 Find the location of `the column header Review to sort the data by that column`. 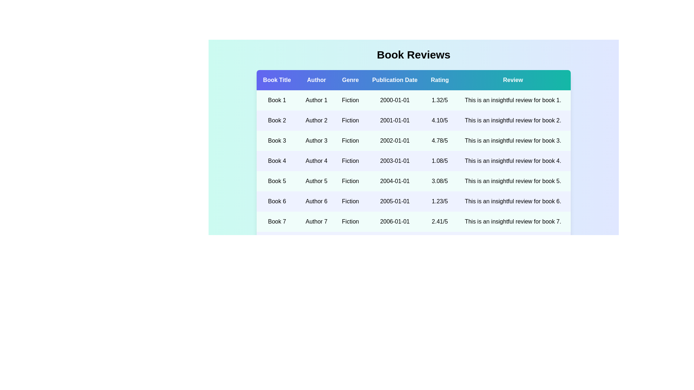

the column header Review to sort the data by that column is located at coordinates (513, 80).